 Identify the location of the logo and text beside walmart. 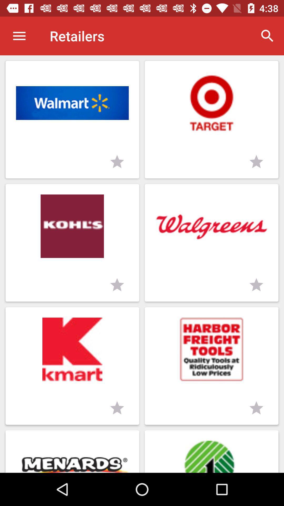
(211, 119).